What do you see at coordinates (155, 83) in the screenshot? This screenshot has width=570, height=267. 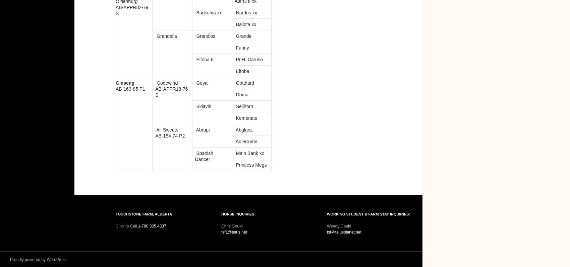 I see `'Godewind'` at bounding box center [155, 83].